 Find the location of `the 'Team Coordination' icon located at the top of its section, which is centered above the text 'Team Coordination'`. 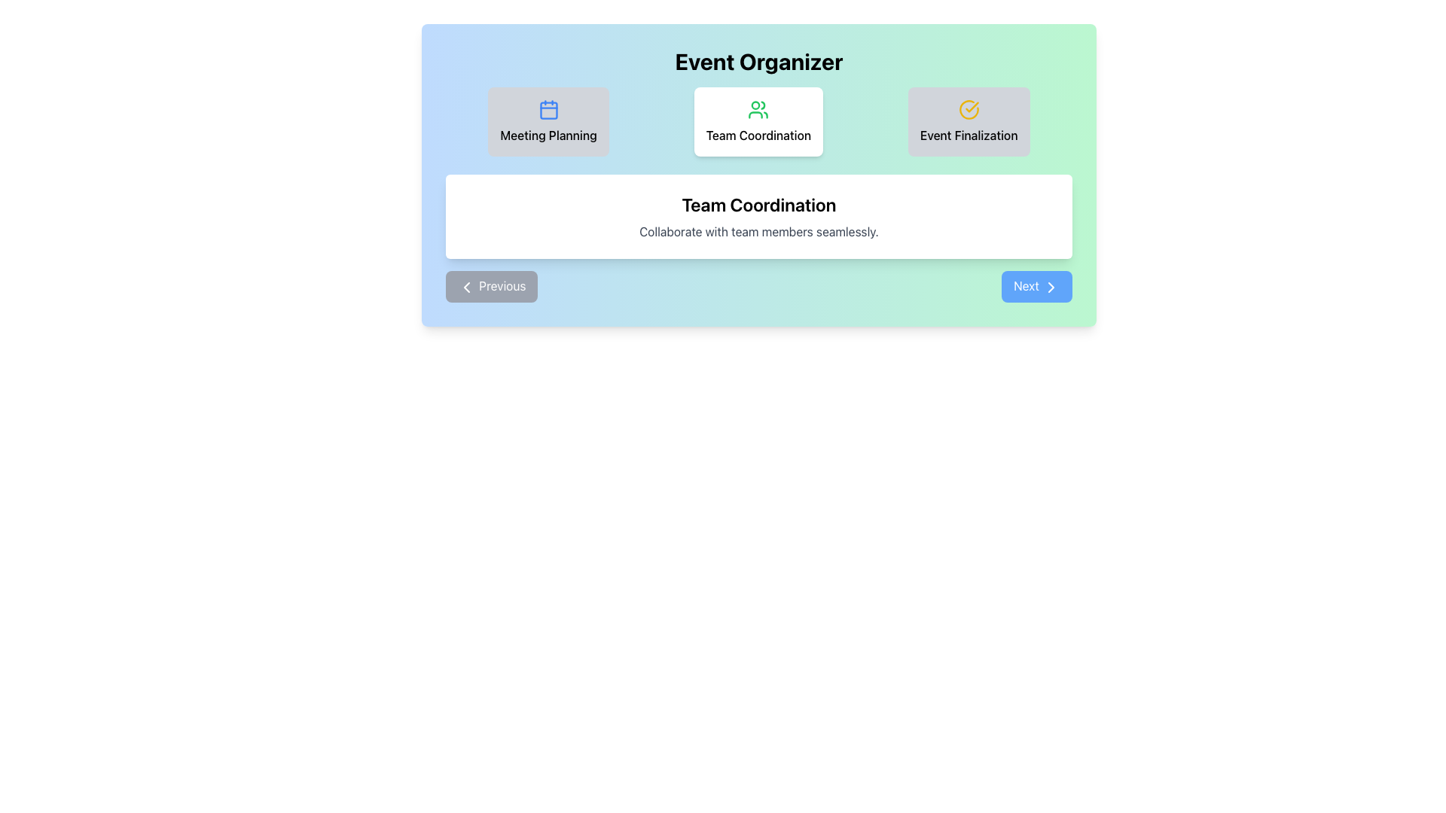

the 'Team Coordination' icon located at the top of its section, which is centered above the text 'Team Coordination' is located at coordinates (758, 109).